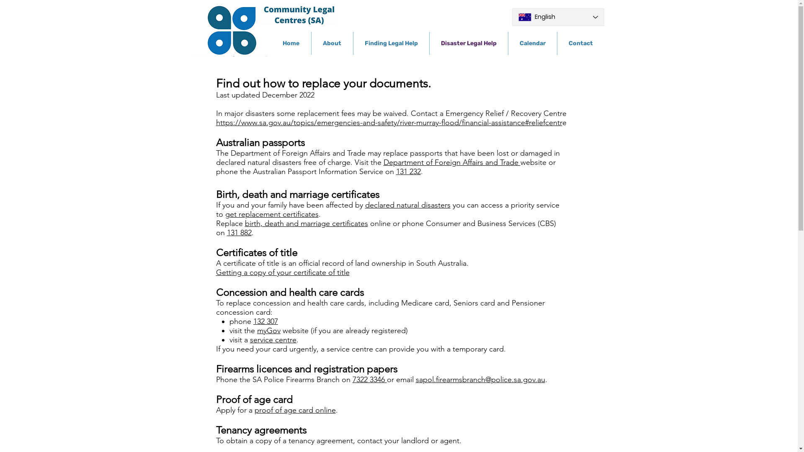 The height and width of the screenshot is (452, 804). What do you see at coordinates (295, 409) in the screenshot?
I see `'proof of age card online'` at bounding box center [295, 409].